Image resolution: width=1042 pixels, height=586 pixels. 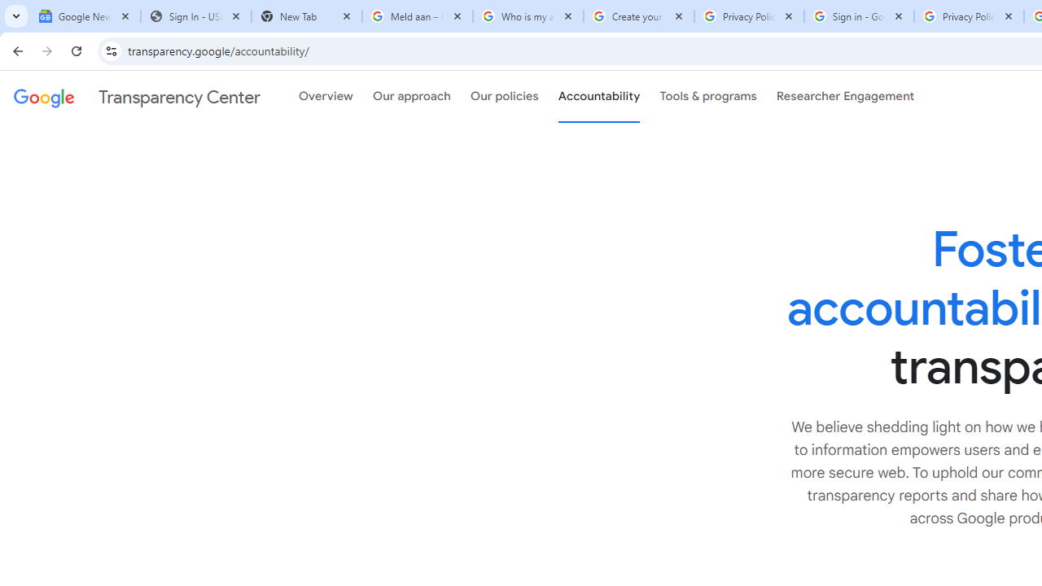 I want to click on 'Researcher Engagement', so click(x=845, y=97).